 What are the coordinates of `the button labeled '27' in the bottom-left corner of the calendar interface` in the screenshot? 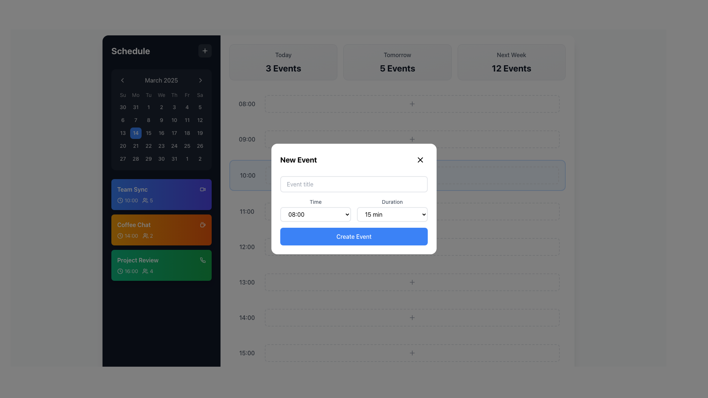 It's located at (123, 158).